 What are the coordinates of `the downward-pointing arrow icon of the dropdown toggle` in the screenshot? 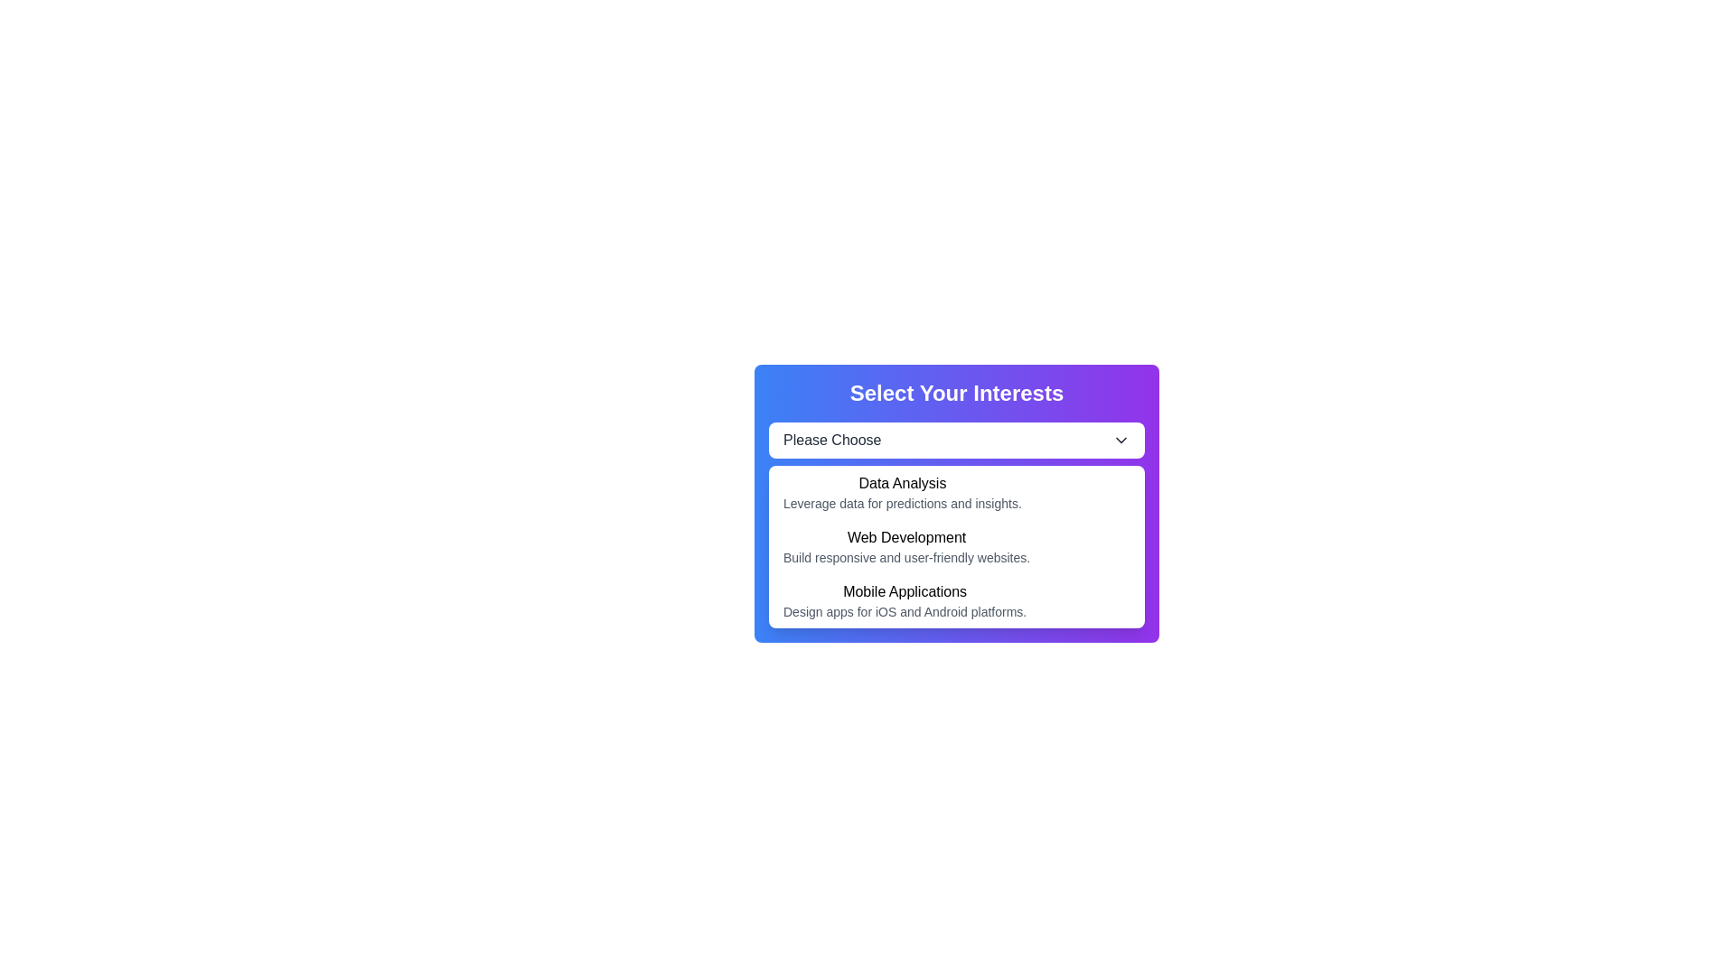 It's located at (1121, 441).